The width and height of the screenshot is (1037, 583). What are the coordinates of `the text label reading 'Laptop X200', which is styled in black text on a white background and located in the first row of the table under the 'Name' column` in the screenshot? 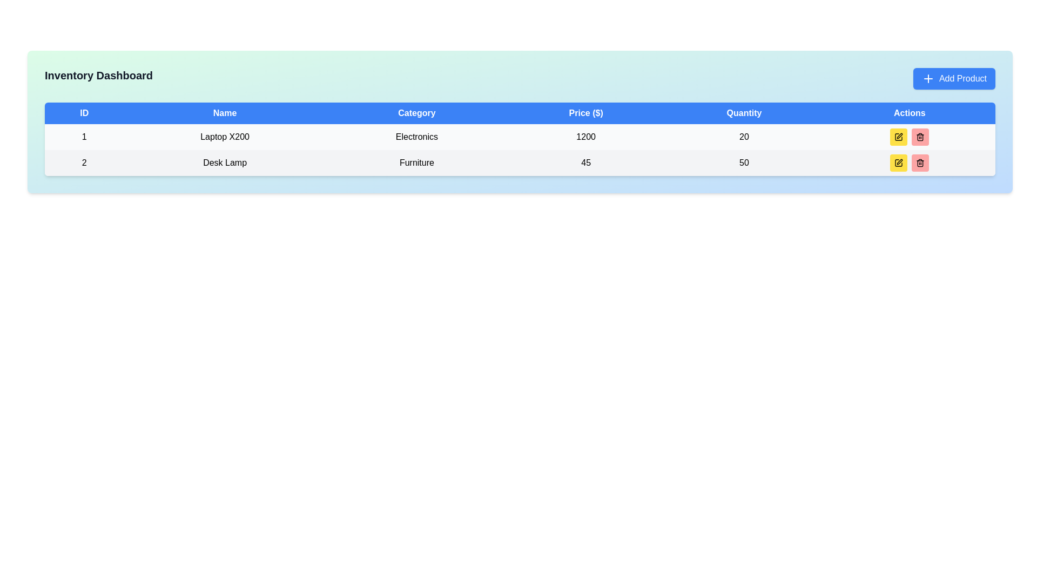 It's located at (224, 137).